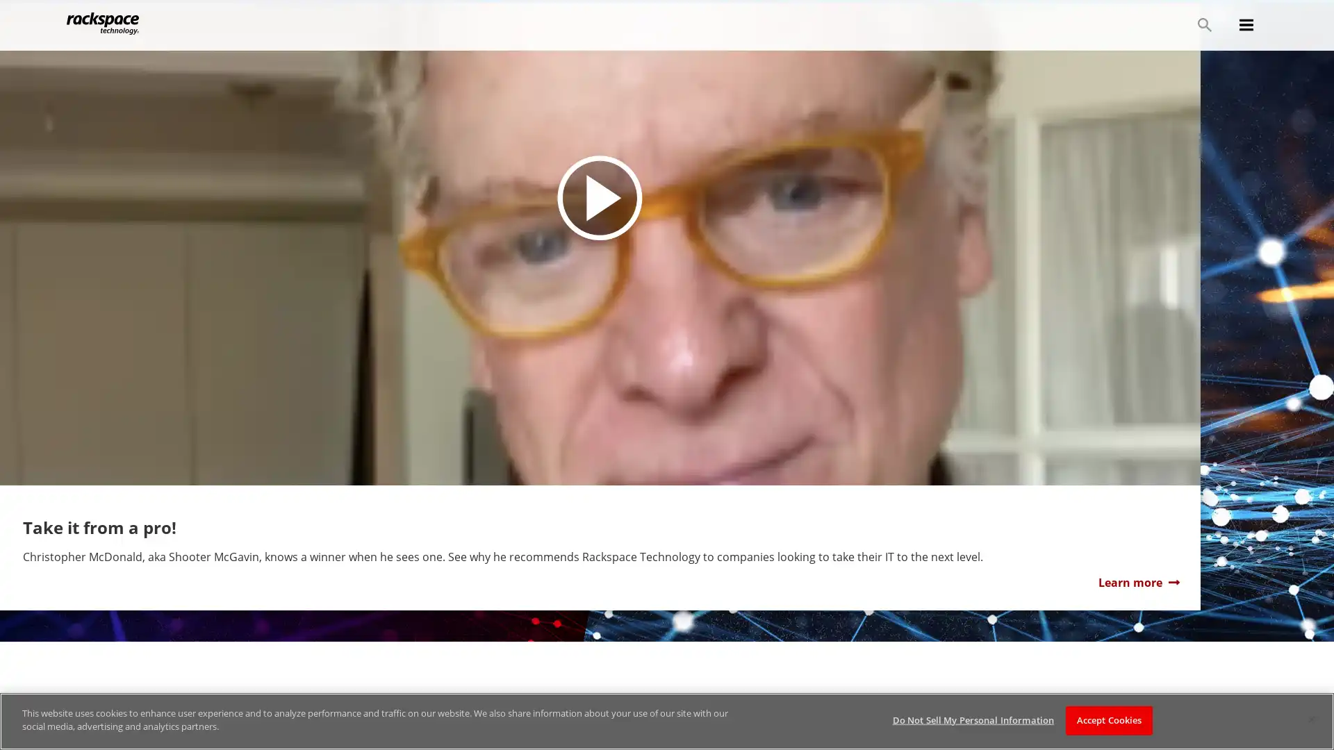 The width and height of the screenshot is (1334, 750). What do you see at coordinates (1310, 719) in the screenshot?
I see `Close` at bounding box center [1310, 719].